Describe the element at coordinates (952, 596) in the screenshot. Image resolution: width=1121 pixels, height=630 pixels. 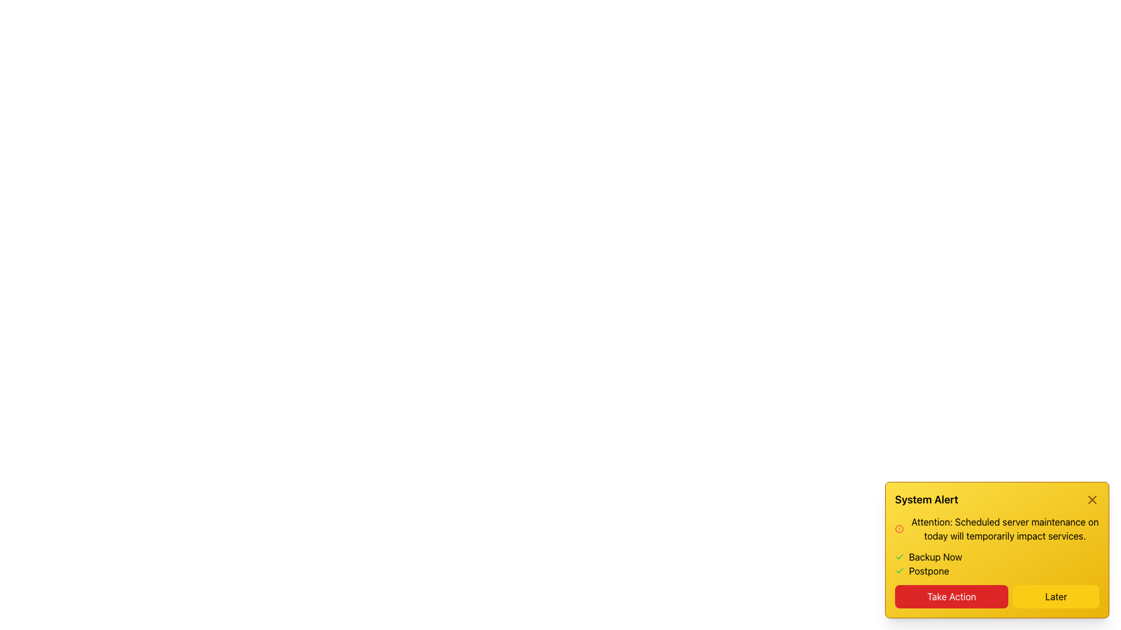
I see `the leftmost button in the row of buttons at the bottom of the yellow notification card, which prompts immediate action related to the notification's message` at that location.